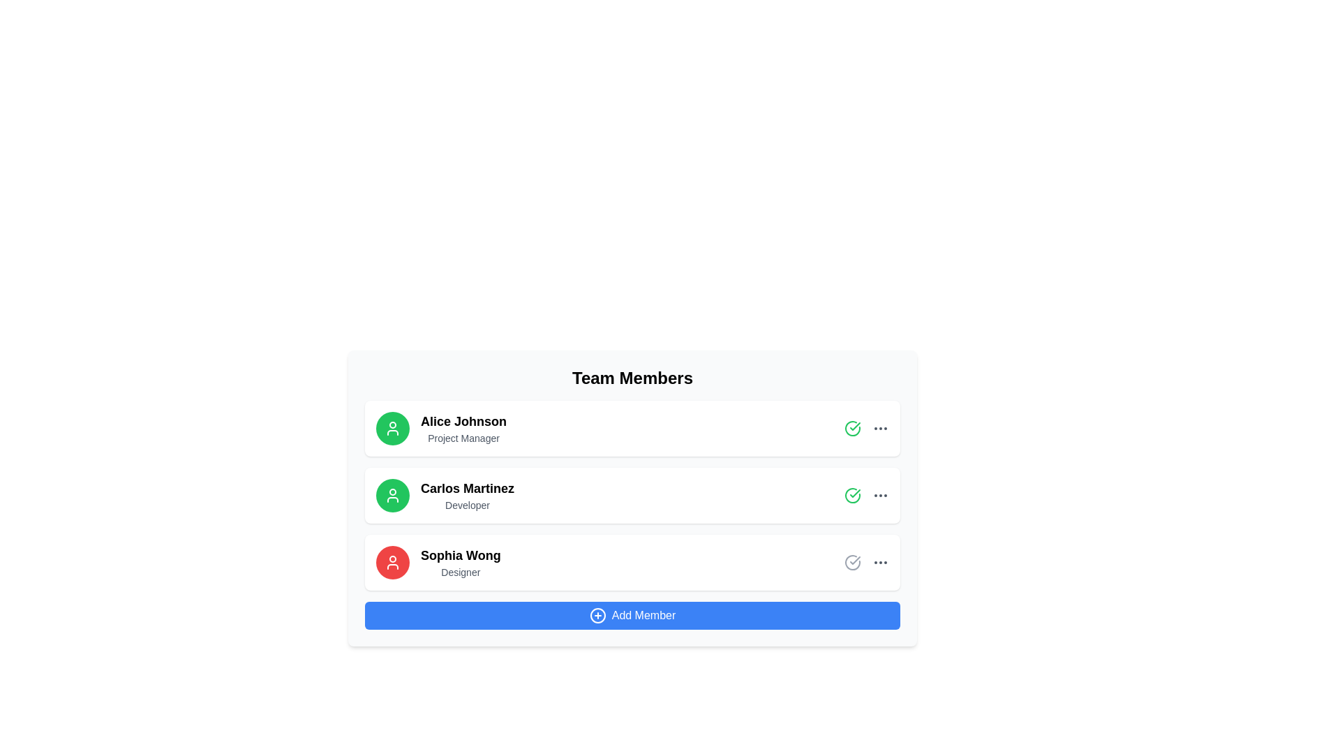 This screenshot has width=1340, height=754. What do you see at coordinates (852, 562) in the screenshot?
I see `the verified status icon for the member 'Sophia Wong' located in the third position of the member list, which is to the left of the ellipsis icon` at bounding box center [852, 562].